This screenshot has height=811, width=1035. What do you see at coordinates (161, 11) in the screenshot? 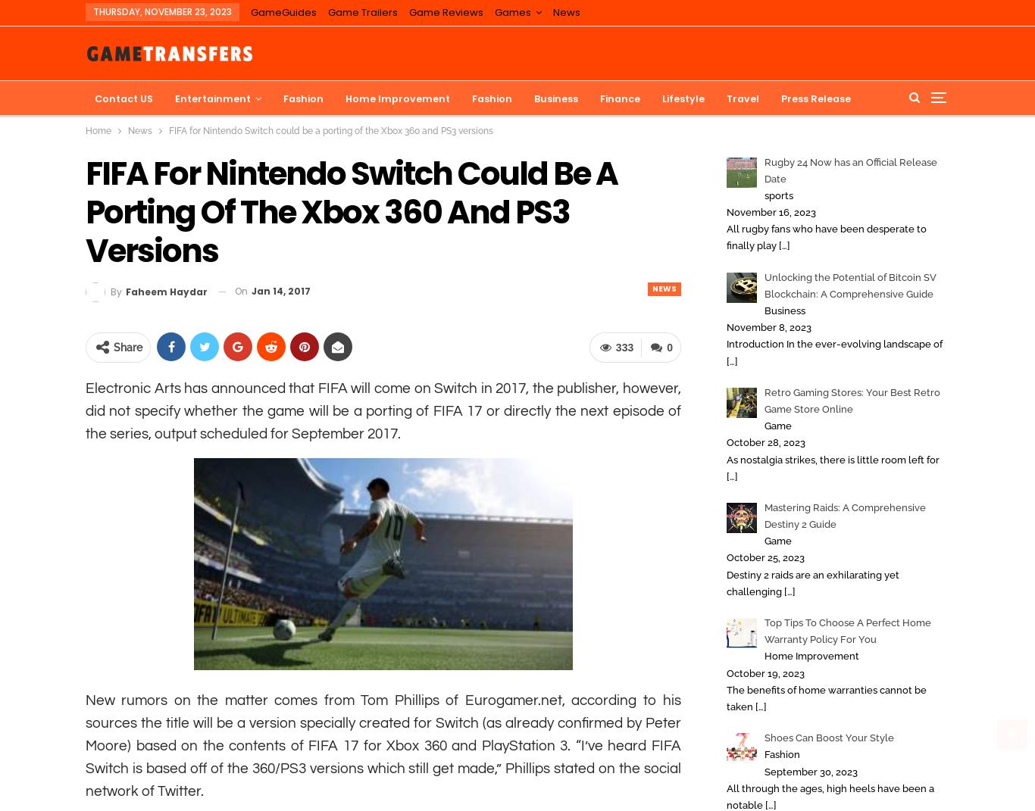
I see `'Thursday, November 23, 2023'` at bounding box center [161, 11].